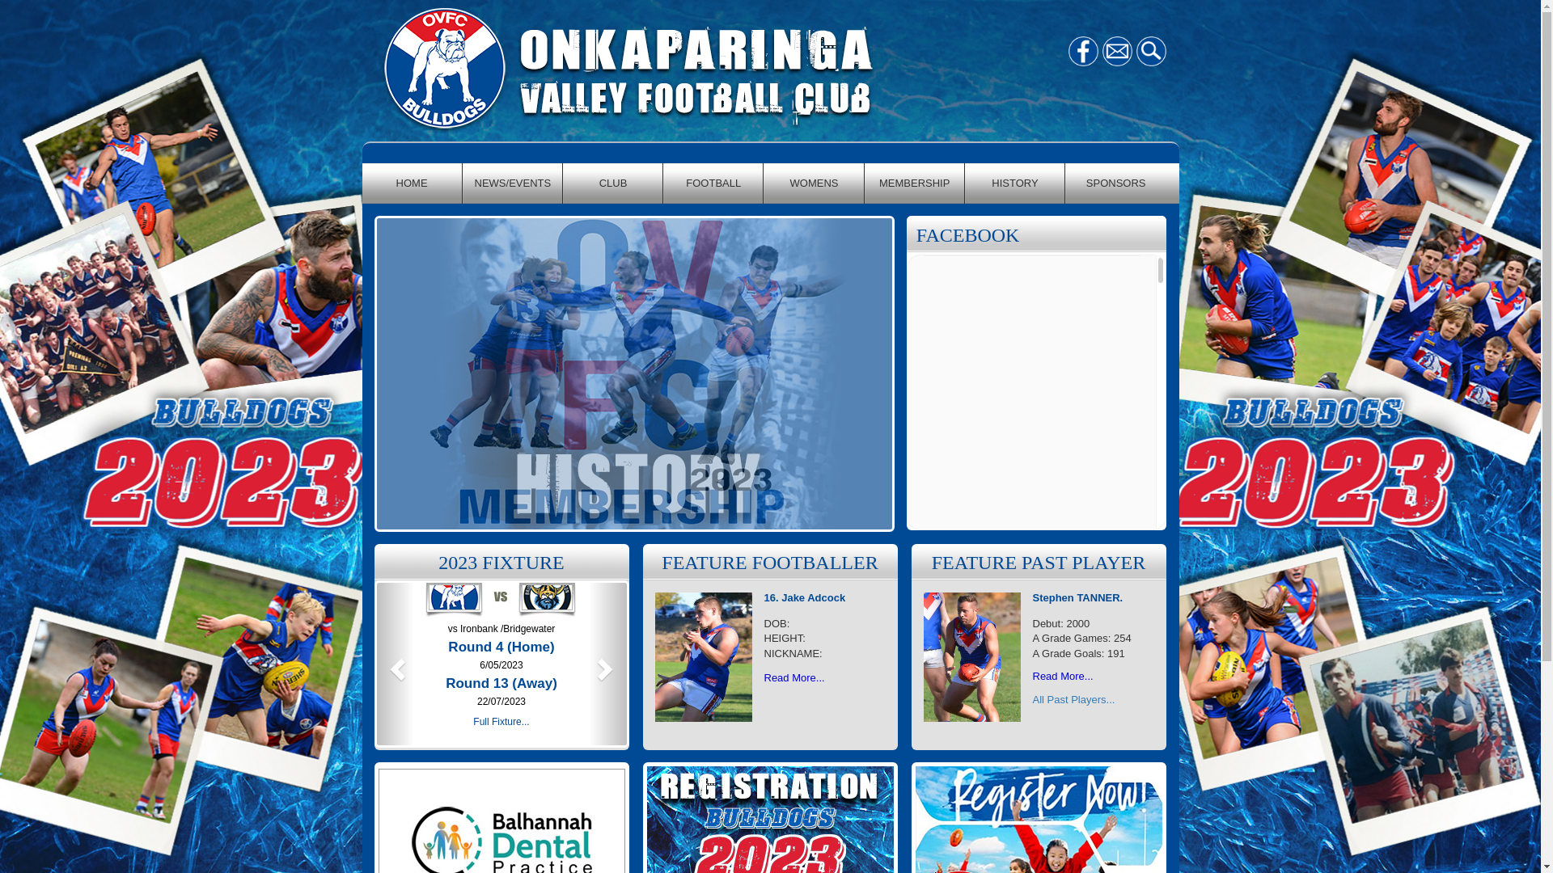 Image resolution: width=1553 pixels, height=873 pixels. What do you see at coordinates (511, 183) in the screenshot?
I see `'NEWS/EVENTS'` at bounding box center [511, 183].